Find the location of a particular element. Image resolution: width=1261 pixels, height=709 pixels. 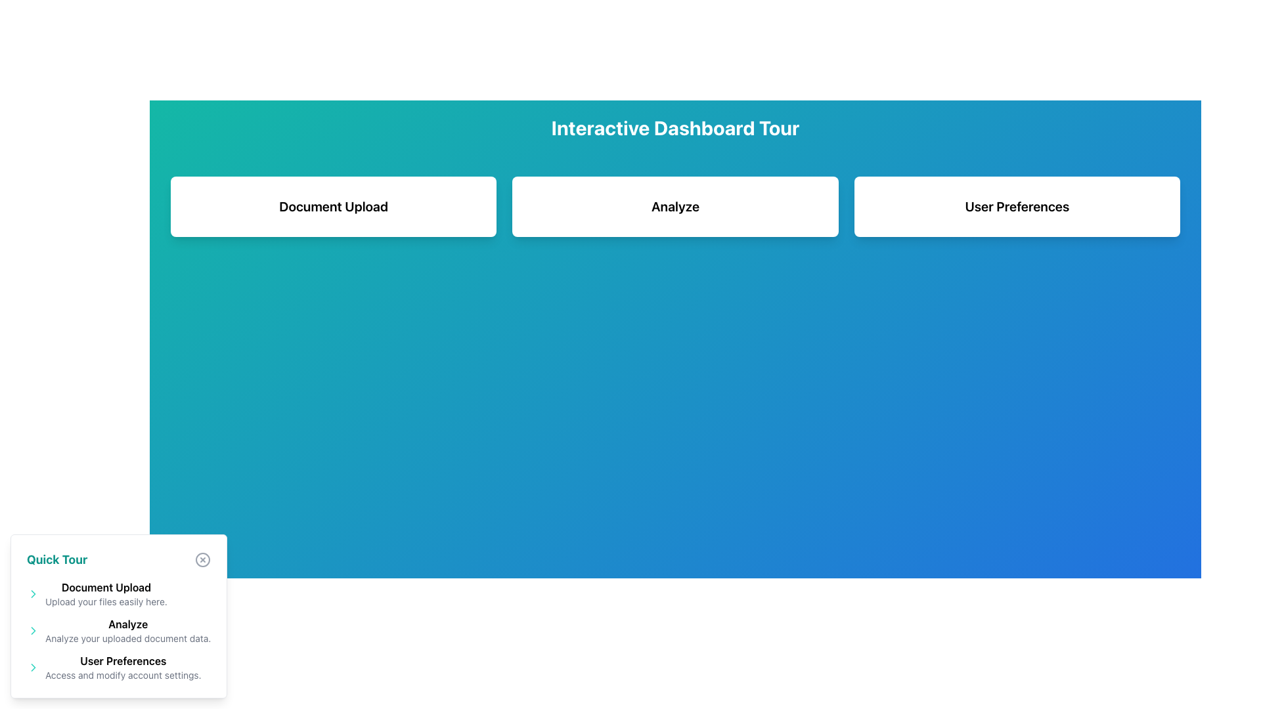

the 'User Preferences' text label, which is bold and serves as the title of a section in a pop-up dialog at the bottom-left corner of the interface is located at coordinates (123, 660).